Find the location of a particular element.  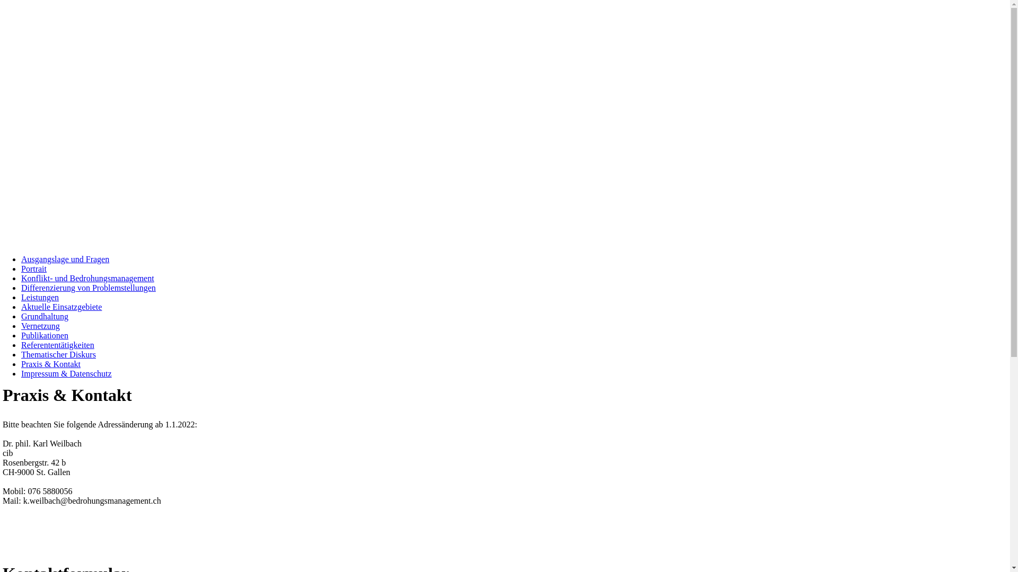

'Thematischer Diskurs' is located at coordinates (58, 354).